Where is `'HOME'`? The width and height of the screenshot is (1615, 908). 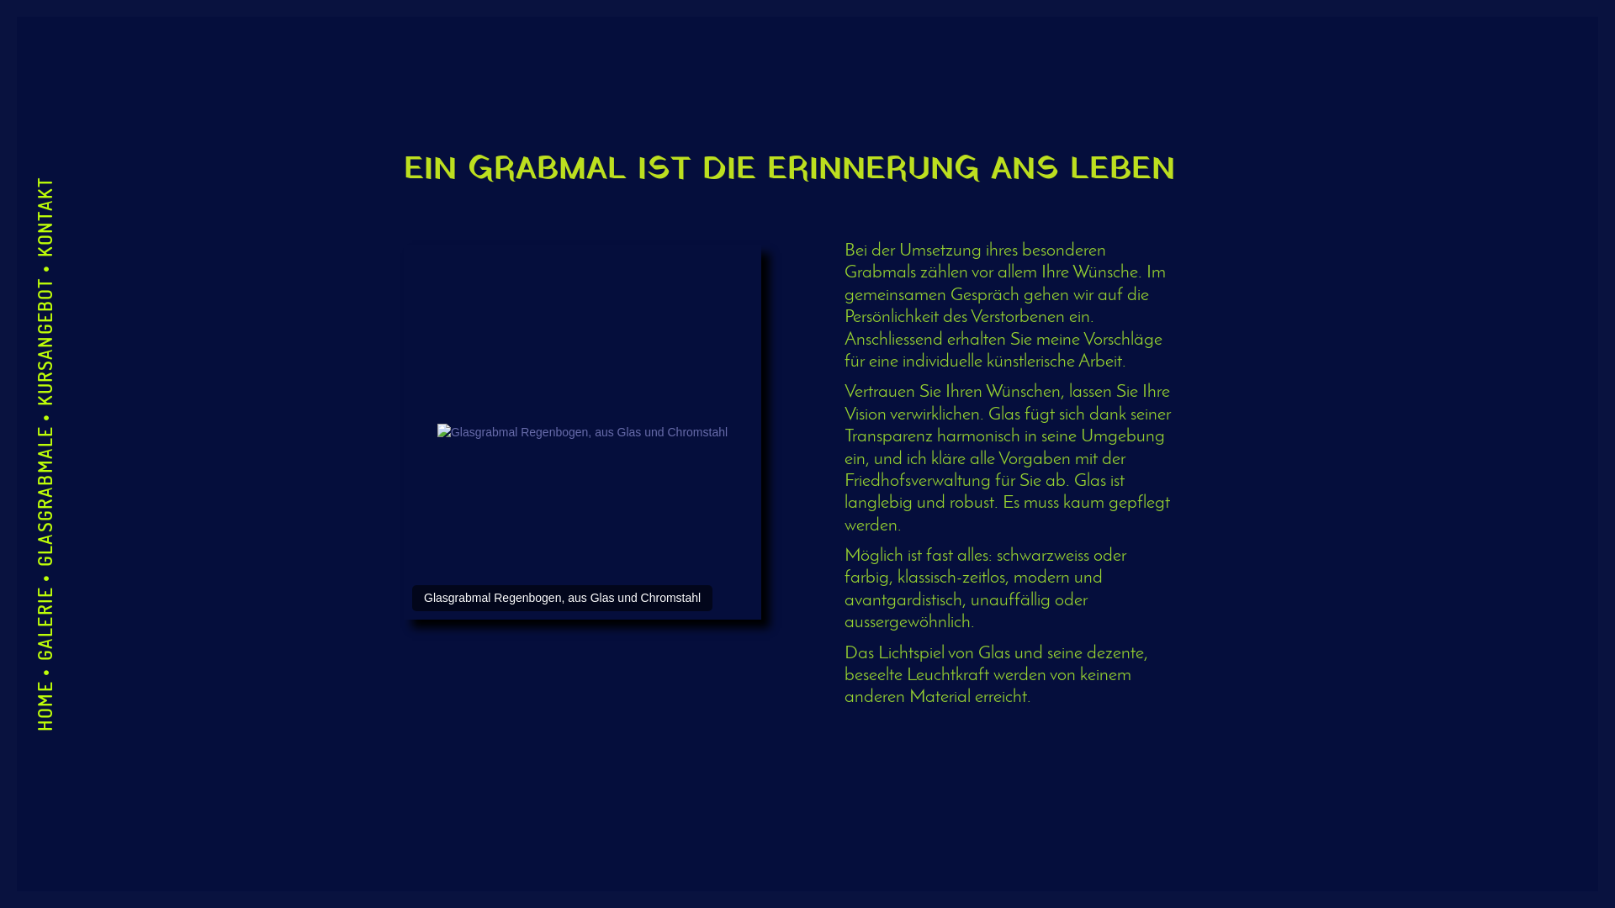
'HOME' is located at coordinates (57, 694).